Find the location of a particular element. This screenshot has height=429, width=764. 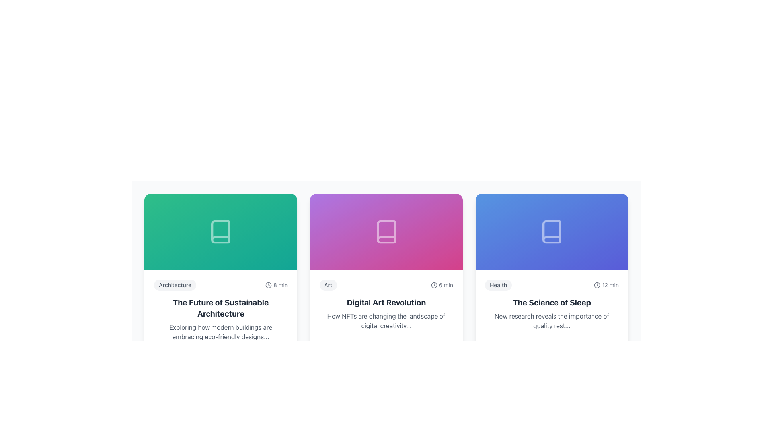

the text block that provides a brief description of 'The Science of Sleep', which is displayed in gray font below the title and above the button interface elements in the rightmost card is located at coordinates (552, 320).